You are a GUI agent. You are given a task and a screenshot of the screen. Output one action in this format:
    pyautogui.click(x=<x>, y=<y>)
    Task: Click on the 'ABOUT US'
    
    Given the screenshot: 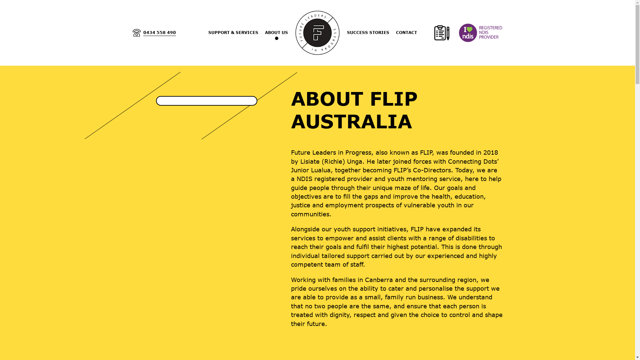 What is the action you would take?
    pyautogui.click(x=276, y=32)
    